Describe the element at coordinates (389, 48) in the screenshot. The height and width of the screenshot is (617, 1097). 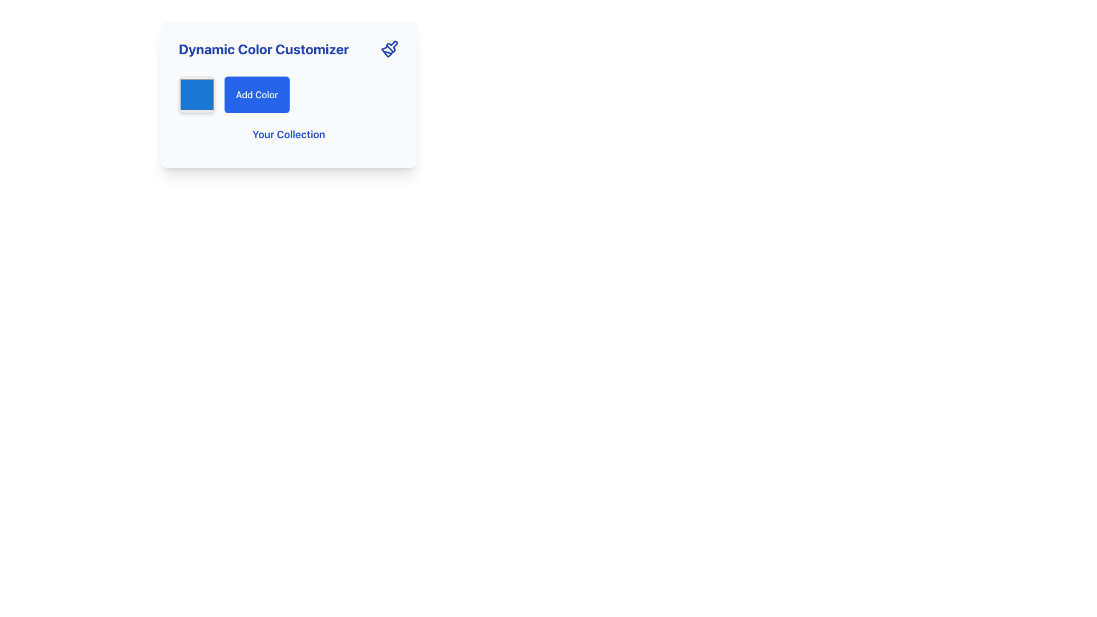
I see `the blue paintbrush icon located to the far right of the 'Dynamic Color Customizer' text` at that location.